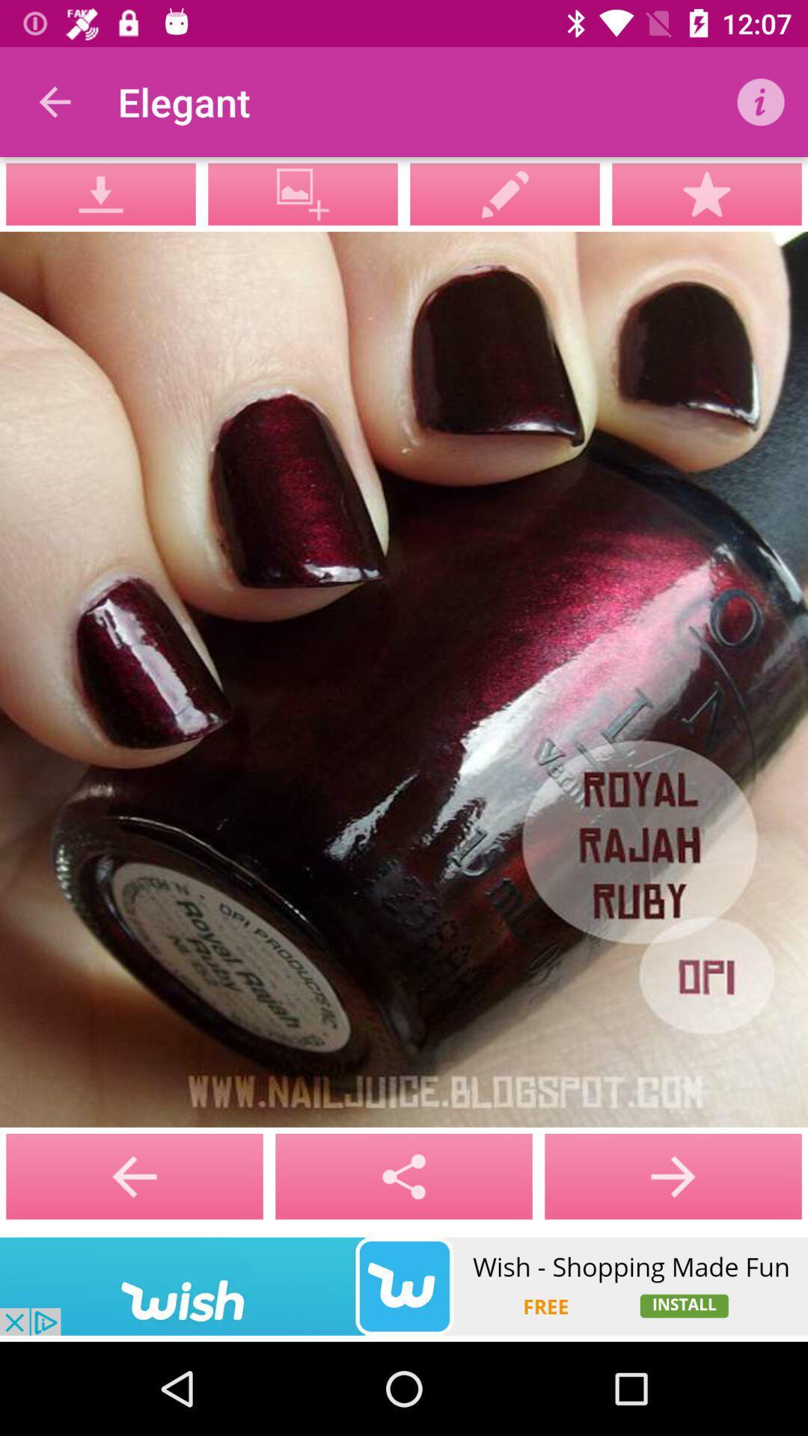 This screenshot has width=808, height=1436. I want to click on advertisement page, so click(404, 1286).